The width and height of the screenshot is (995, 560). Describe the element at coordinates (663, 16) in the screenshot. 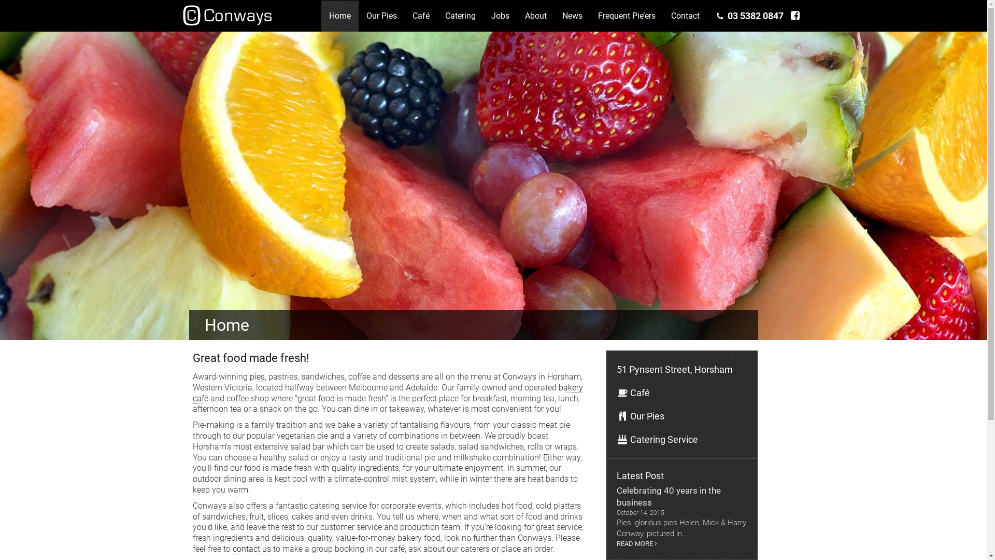

I see `'Contact'` at that location.